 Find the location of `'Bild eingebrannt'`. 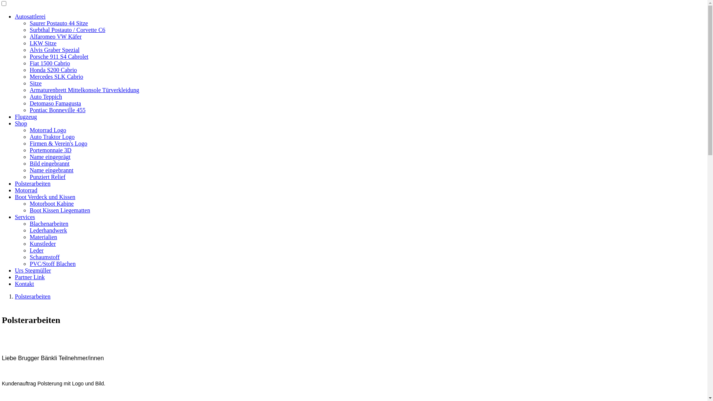

'Bild eingebrannt' is located at coordinates (49, 163).